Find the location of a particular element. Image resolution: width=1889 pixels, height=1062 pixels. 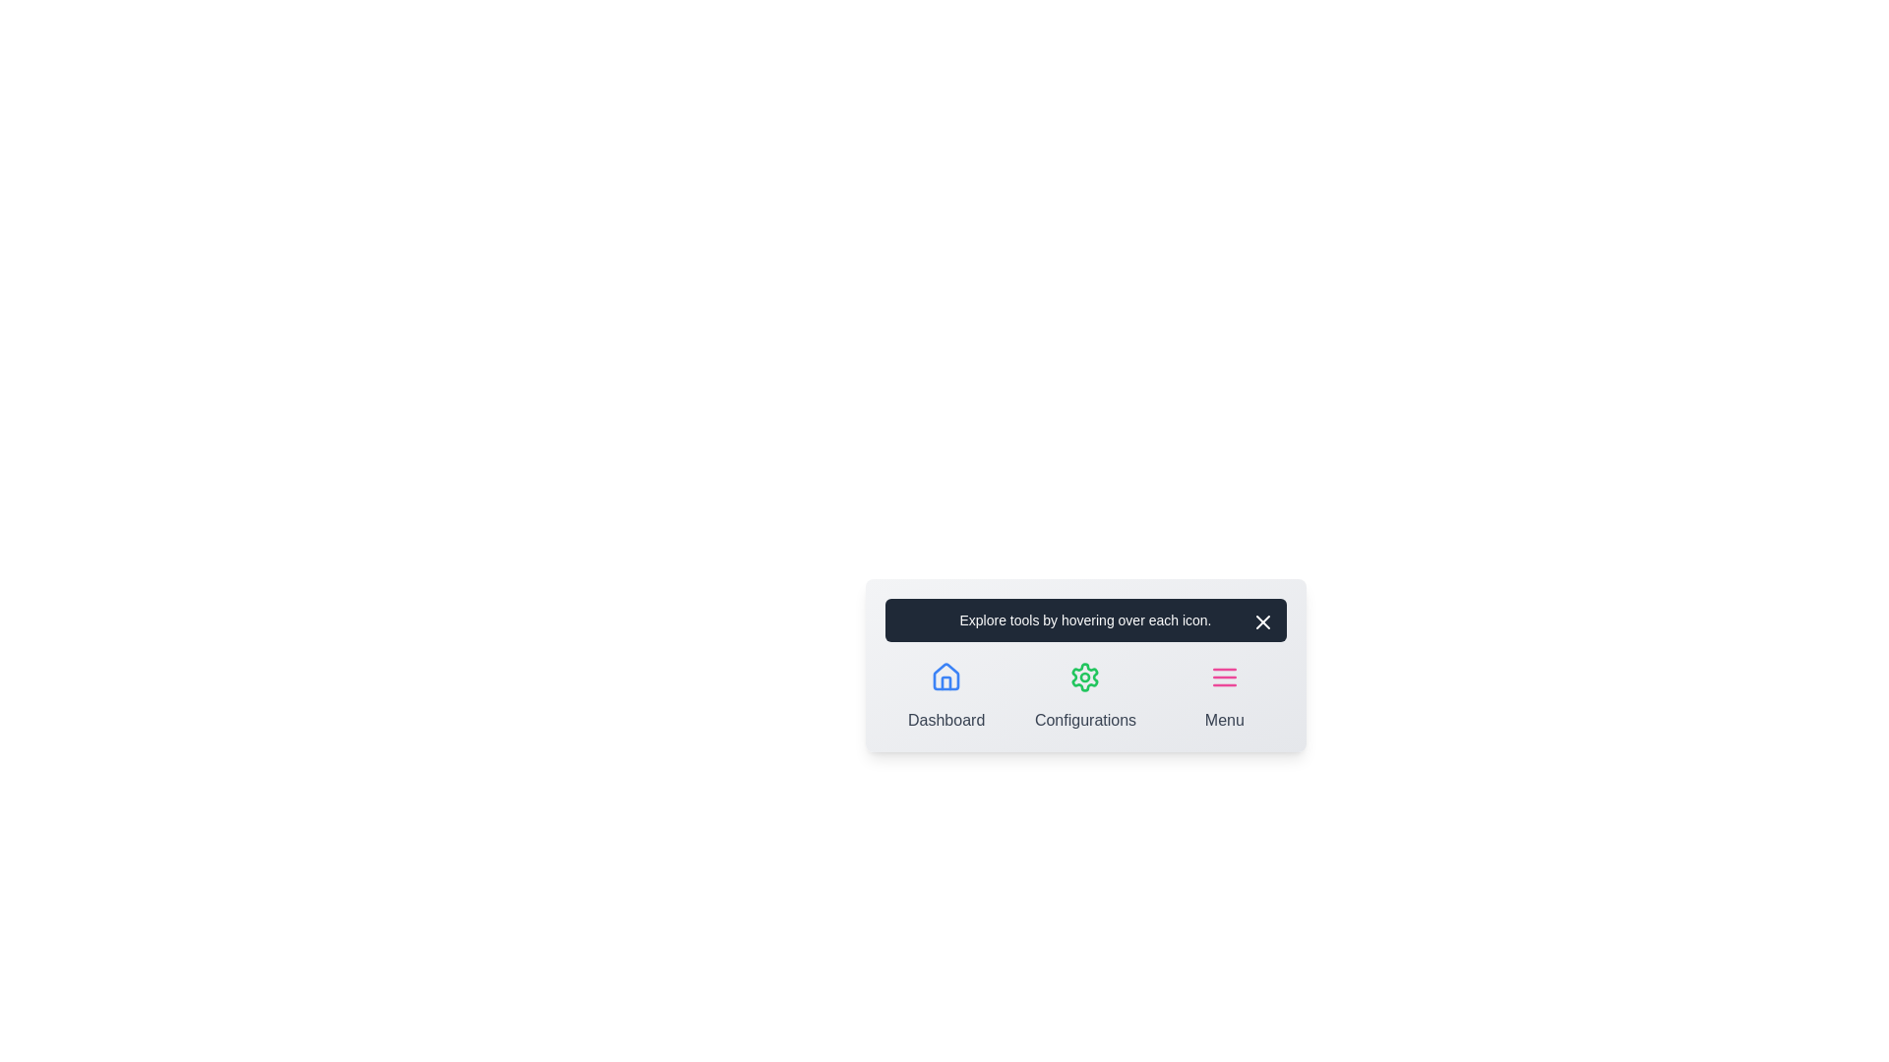

the configuration/settings icon located is located at coordinates (1084, 677).